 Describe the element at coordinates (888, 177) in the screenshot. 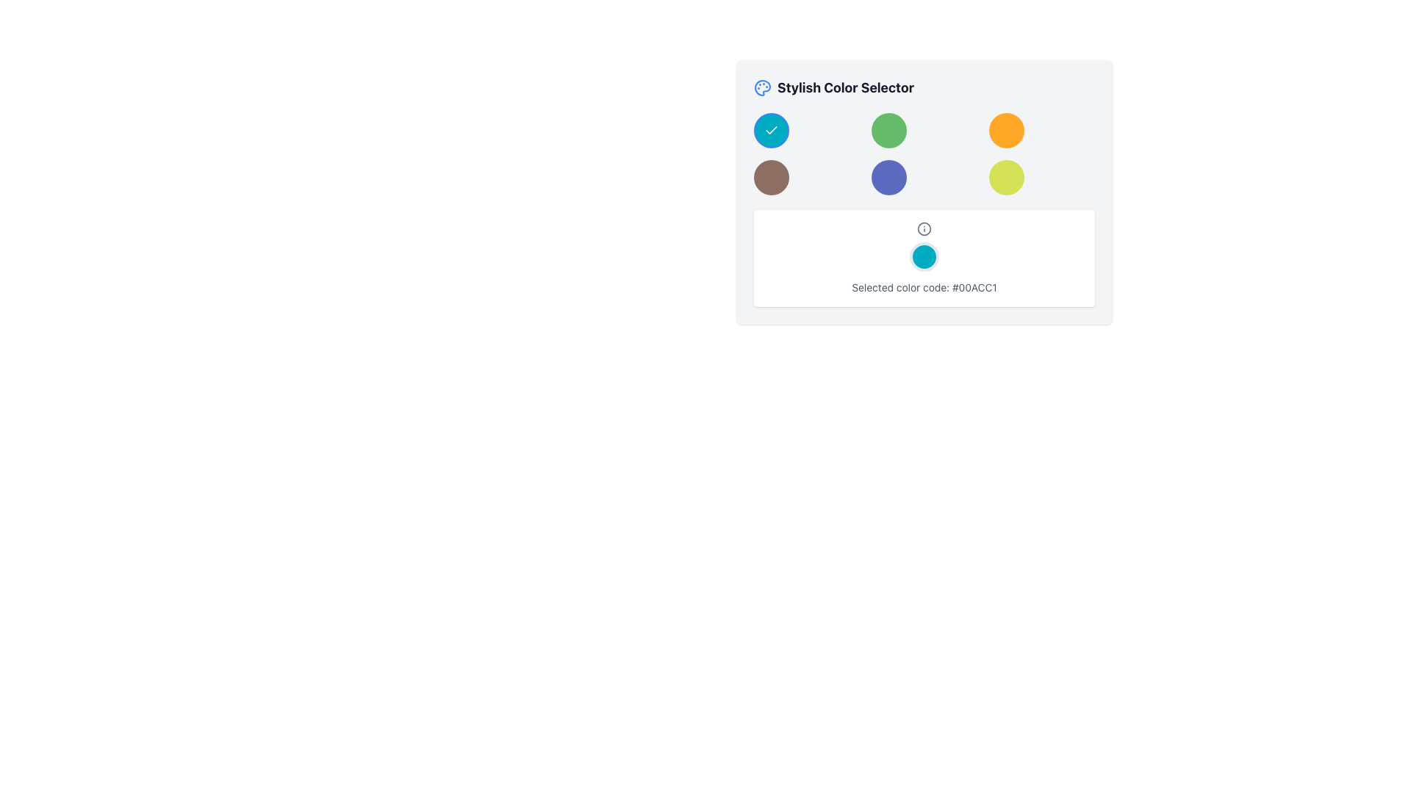

I see `the circular button with a purple background located in the bottom row, second column of a 3x3 grid layout` at that location.